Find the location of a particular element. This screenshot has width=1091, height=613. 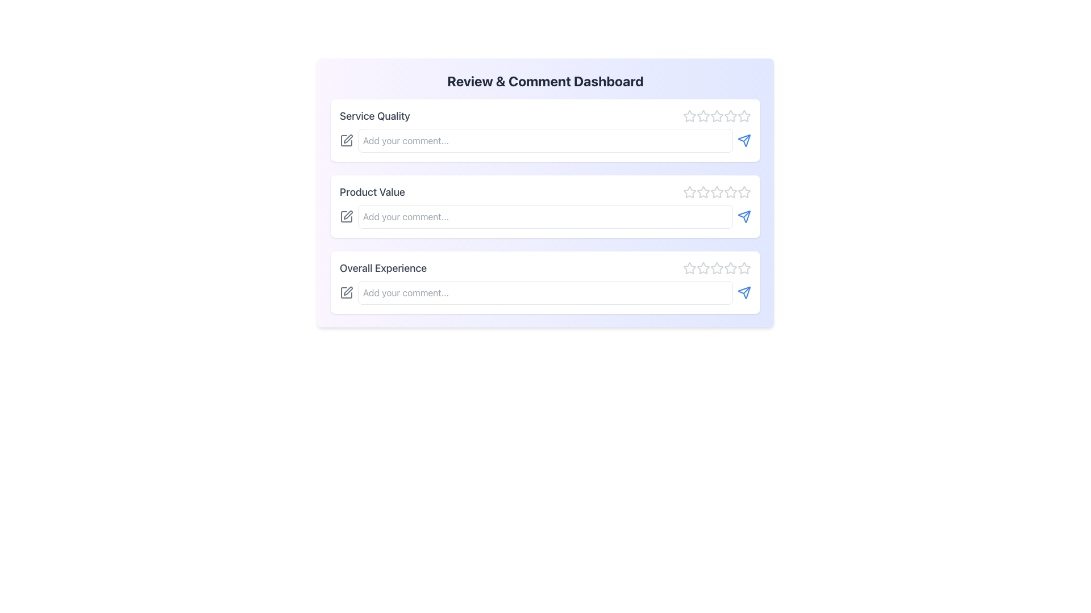

the third star is located at coordinates (717, 191).